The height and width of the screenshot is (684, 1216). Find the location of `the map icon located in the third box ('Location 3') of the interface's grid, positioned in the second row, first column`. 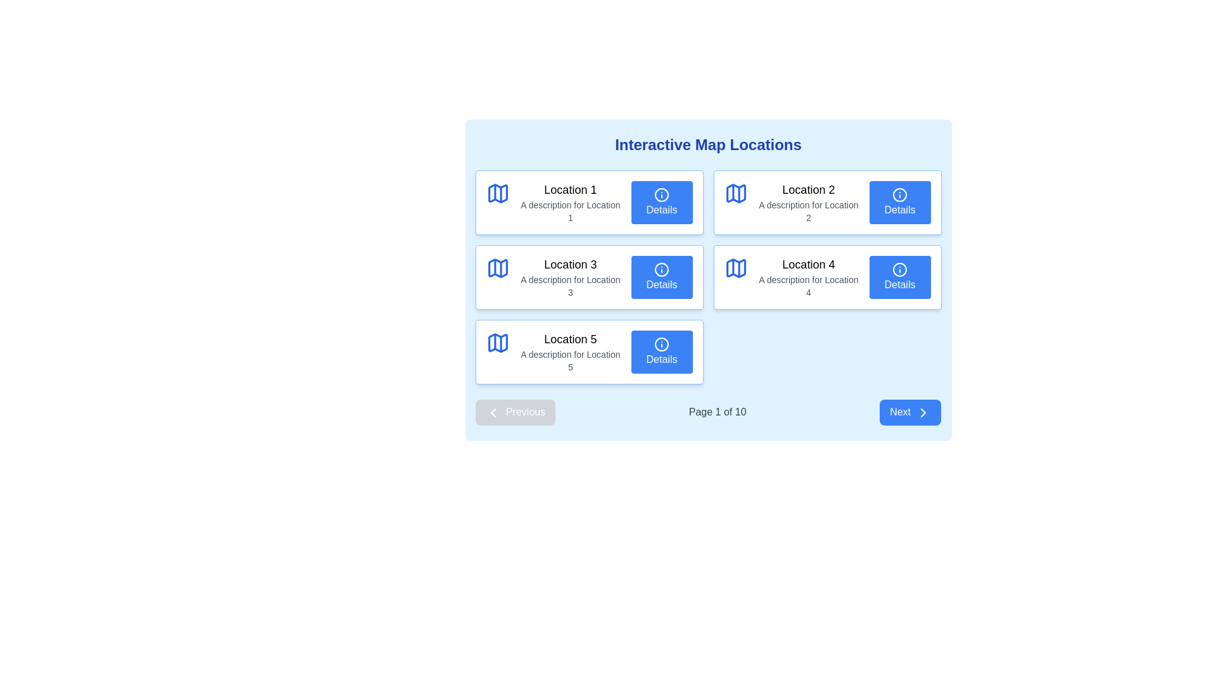

the map icon located in the third box ('Location 3') of the interface's grid, positioned in the second row, first column is located at coordinates (497, 268).